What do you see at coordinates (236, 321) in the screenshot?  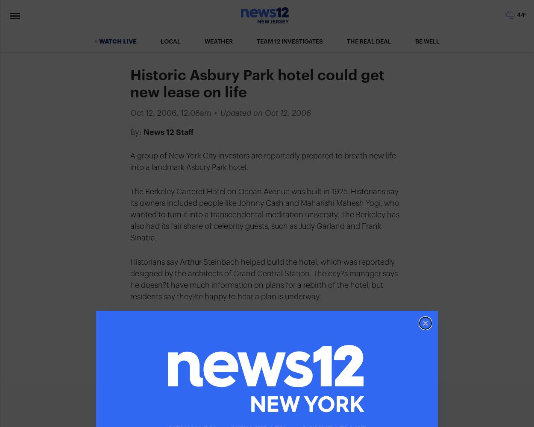 I see `'Share this story'` at bounding box center [236, 321].